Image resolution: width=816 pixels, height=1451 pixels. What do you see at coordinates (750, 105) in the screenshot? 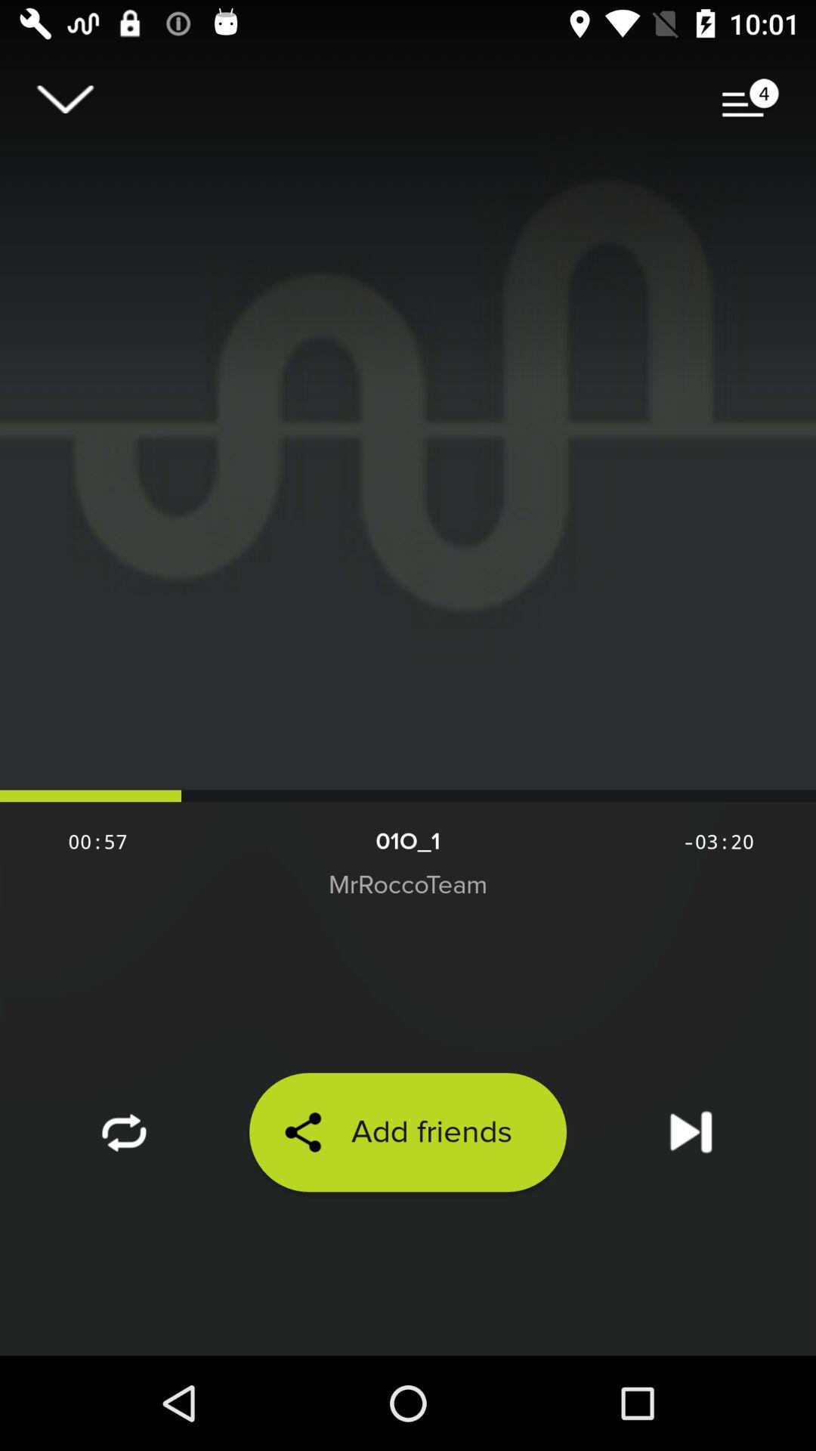
I see `the playlist icon` at bounding box center [750, 105].